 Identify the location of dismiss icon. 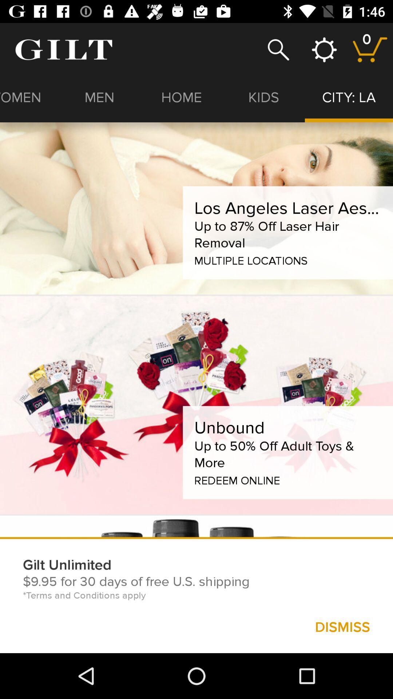
(342, 627).